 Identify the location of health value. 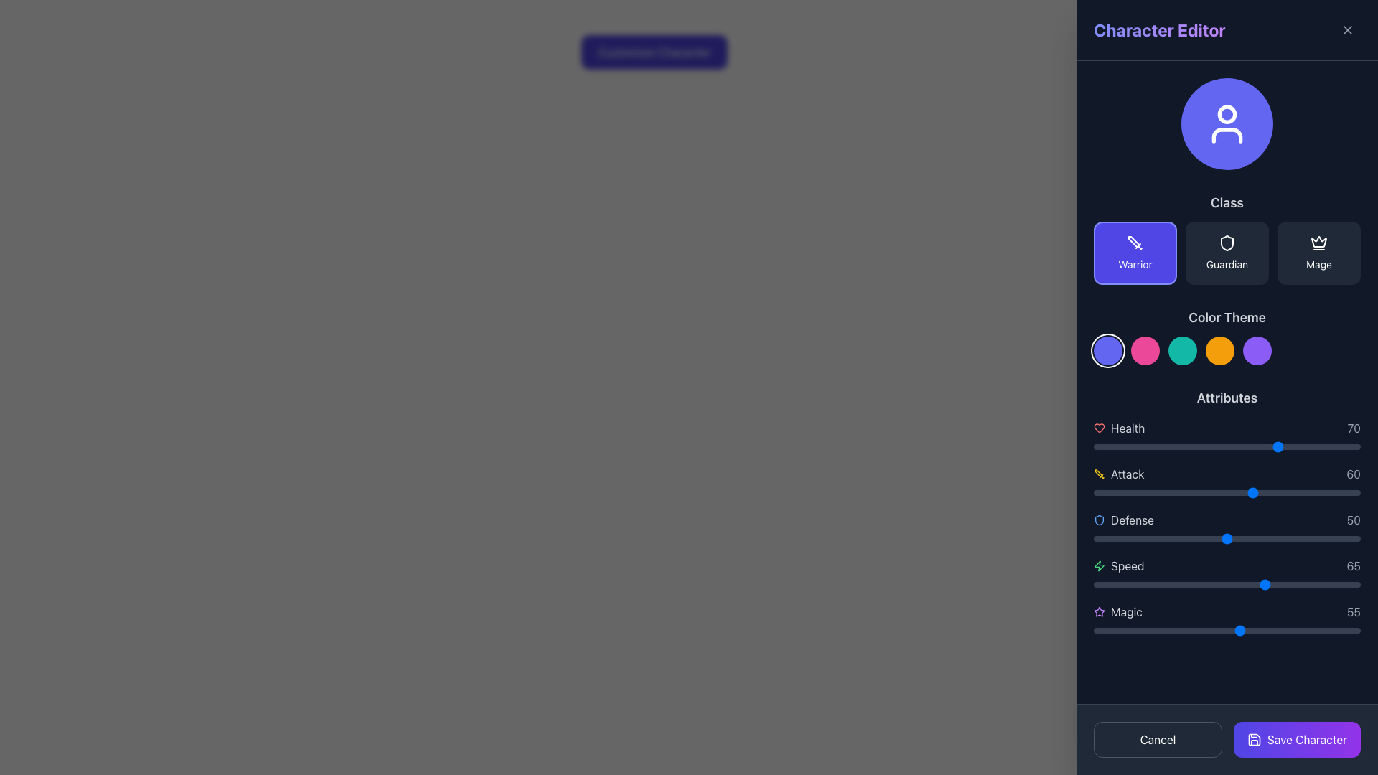
(1138, 446).